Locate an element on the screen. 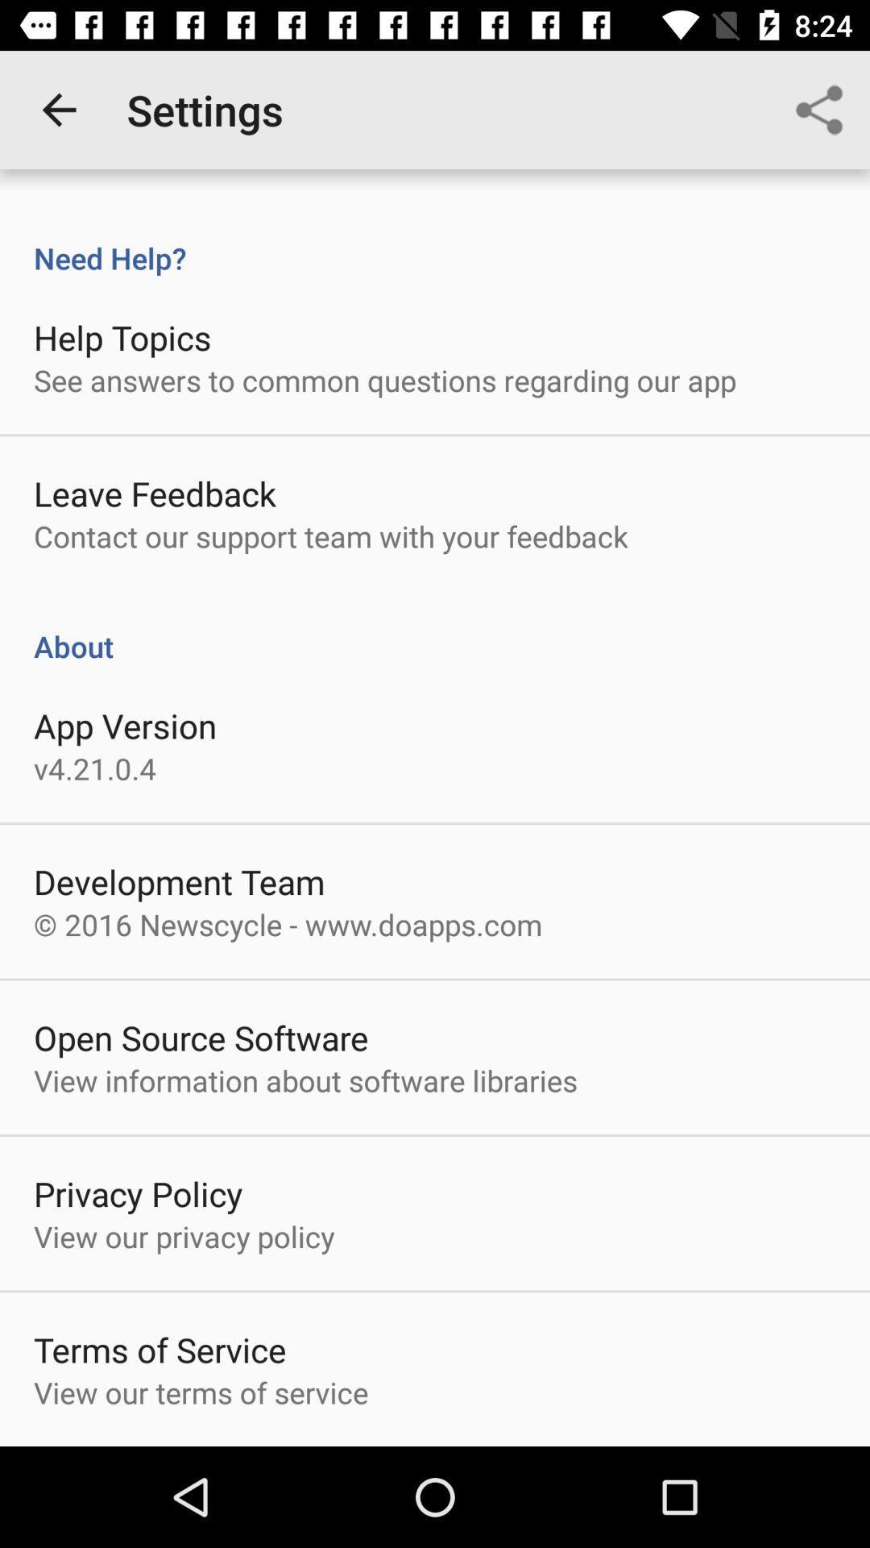  the icon to the left of the settings is located at coordinates (58, 109).